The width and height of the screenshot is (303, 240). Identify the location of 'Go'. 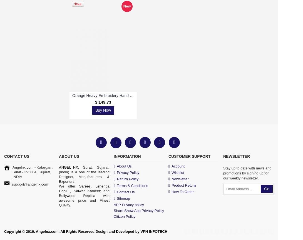
(264, 189).